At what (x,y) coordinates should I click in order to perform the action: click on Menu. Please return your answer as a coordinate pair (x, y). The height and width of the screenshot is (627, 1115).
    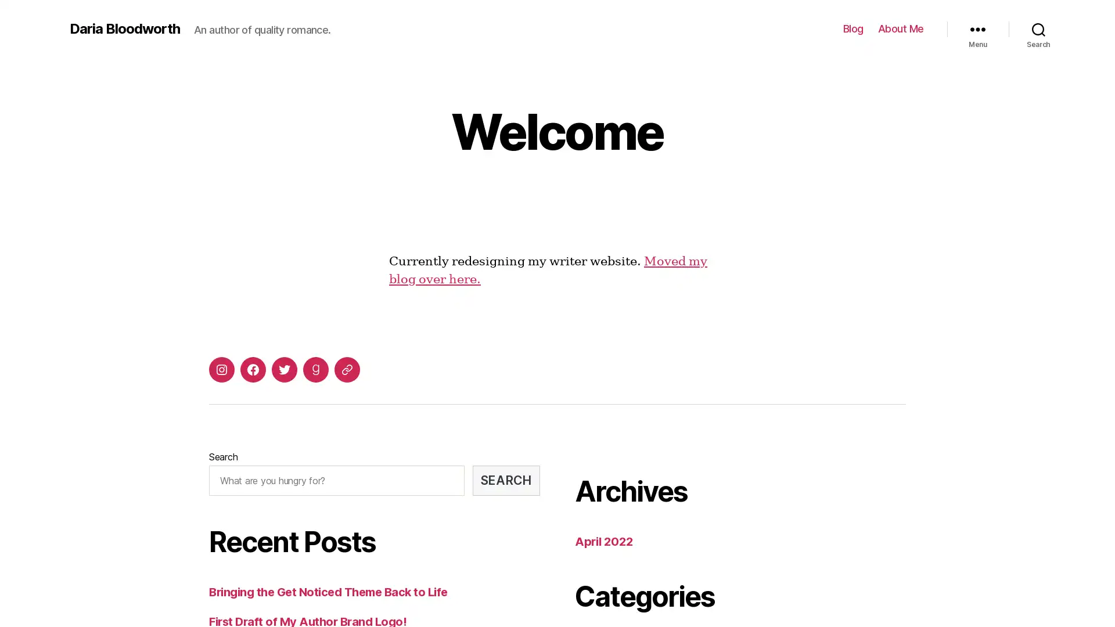
    Looking at the image, I should click on (977, 28).